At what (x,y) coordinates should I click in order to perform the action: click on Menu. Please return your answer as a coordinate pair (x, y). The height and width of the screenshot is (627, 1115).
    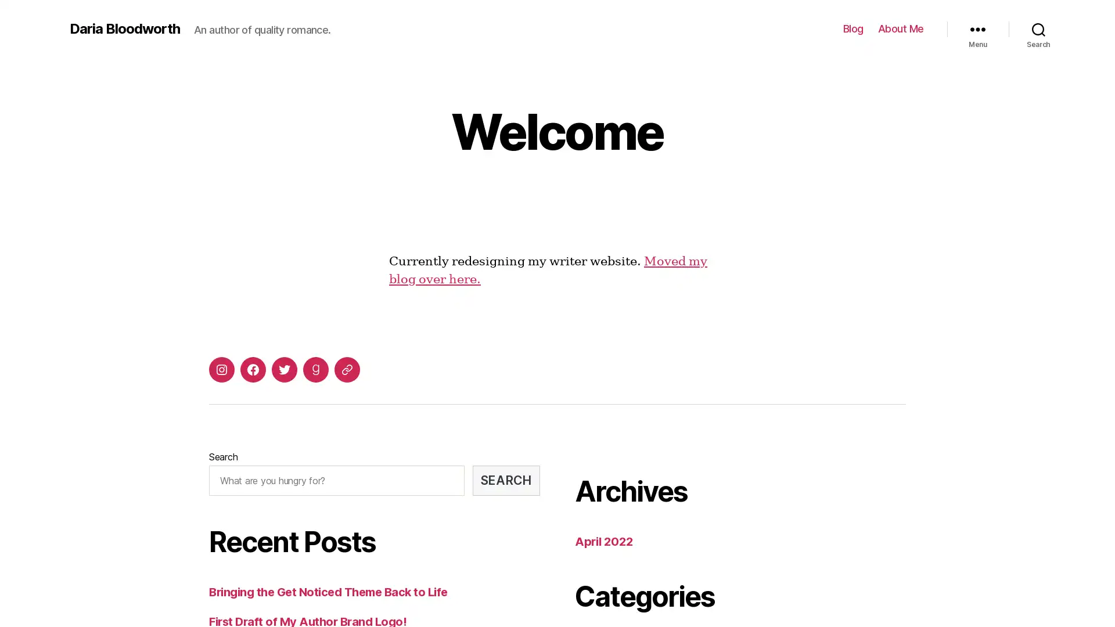
    Looking at the image, I should click on (977, 28).